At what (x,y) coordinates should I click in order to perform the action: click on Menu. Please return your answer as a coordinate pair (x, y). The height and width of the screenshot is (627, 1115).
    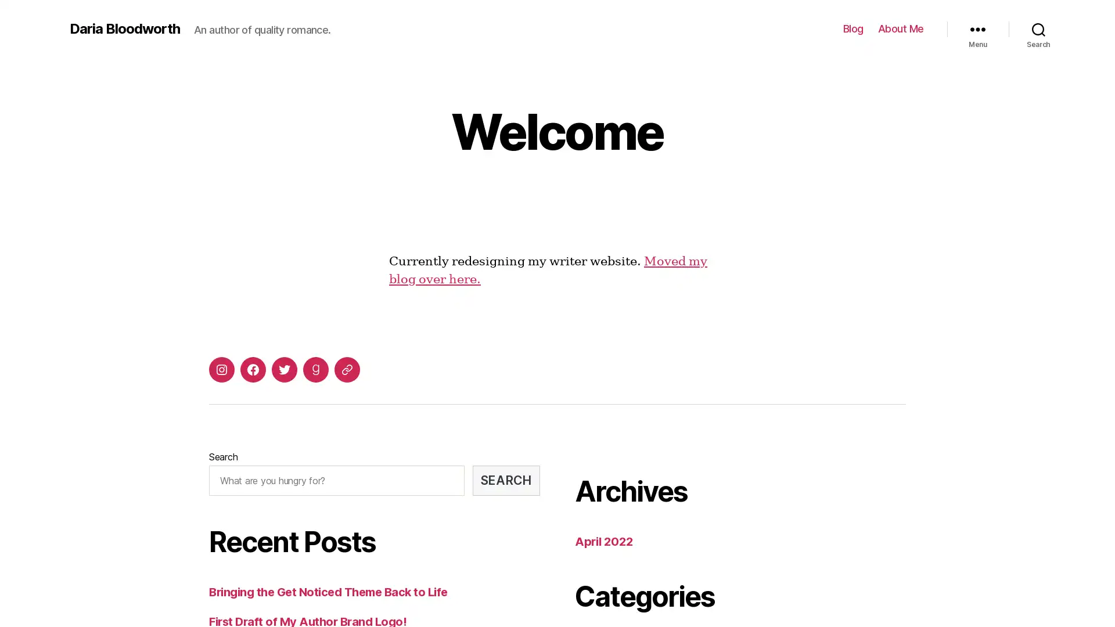
    Looking at the image, I should click on (977, 28).